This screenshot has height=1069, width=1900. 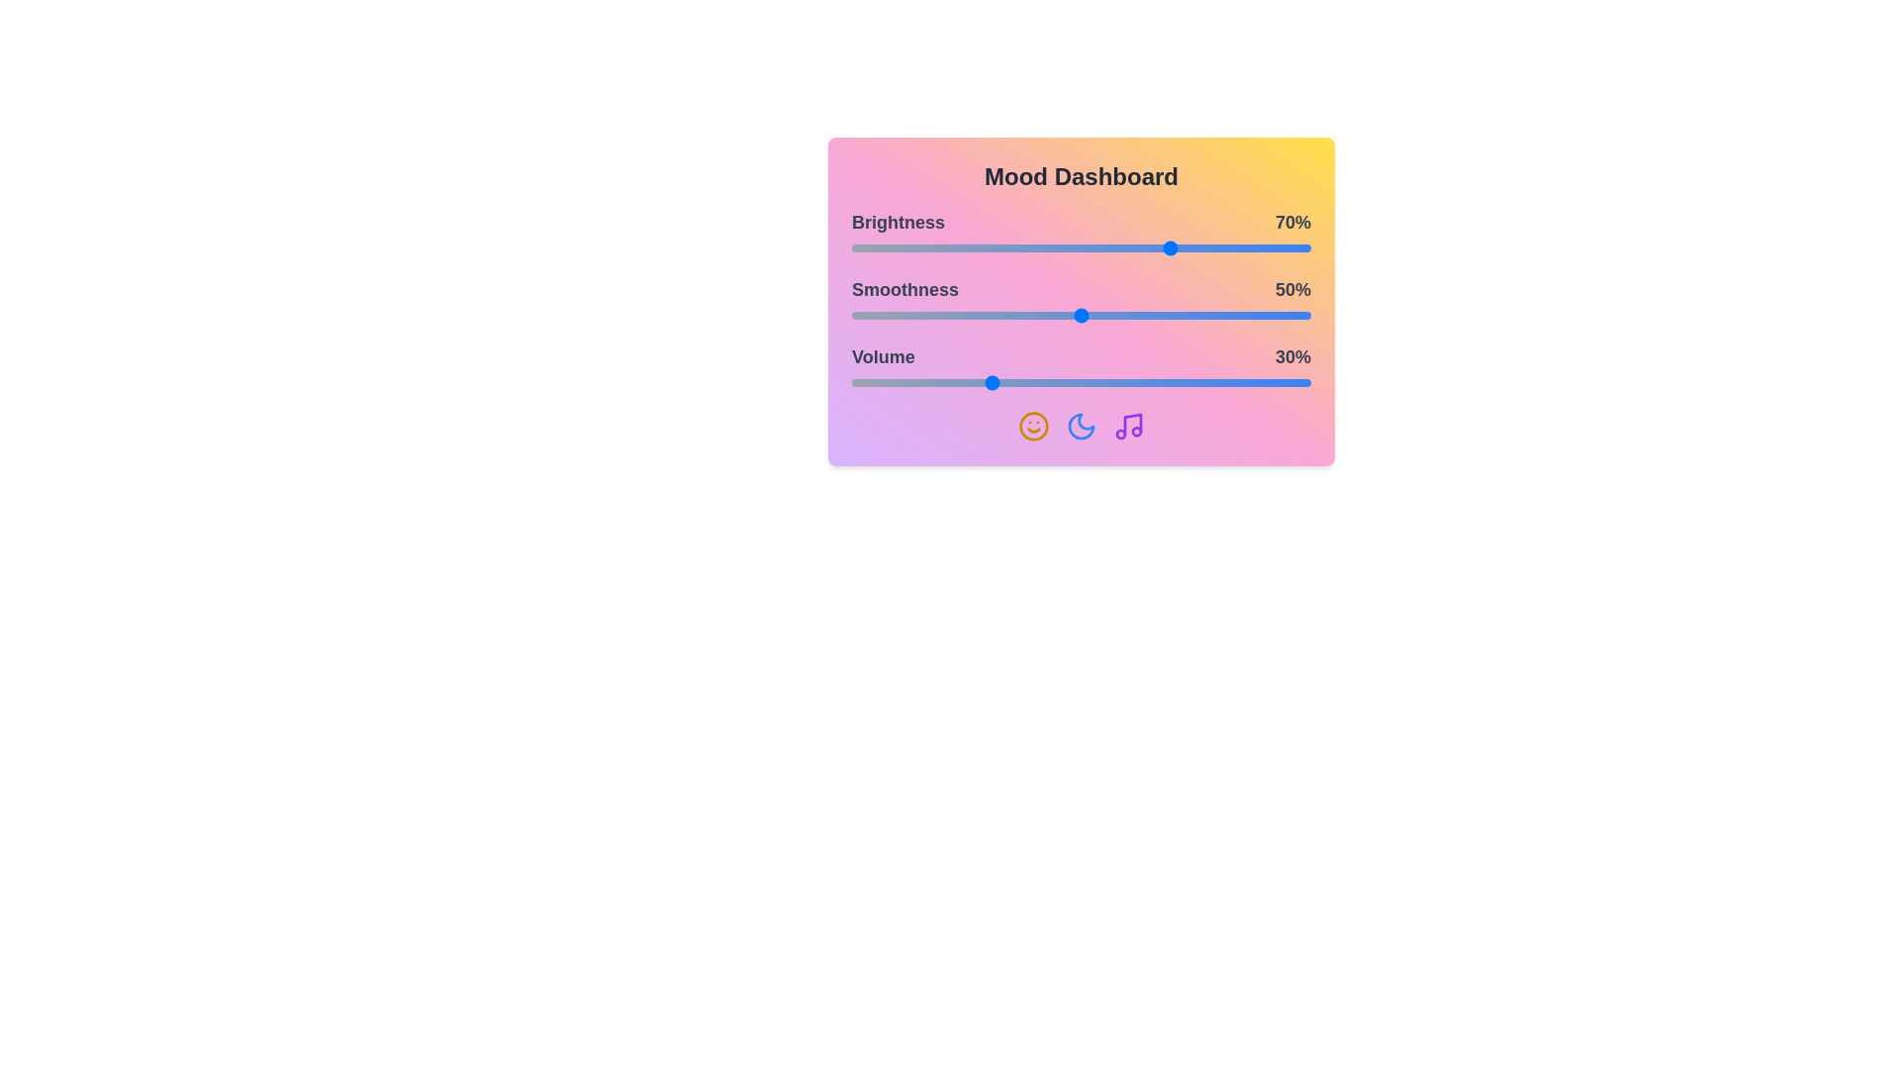 What do you see at coordinates (990, 315) in the screenshot?
I see `the 1 slider to 30%` at bounding box center [990, 315].